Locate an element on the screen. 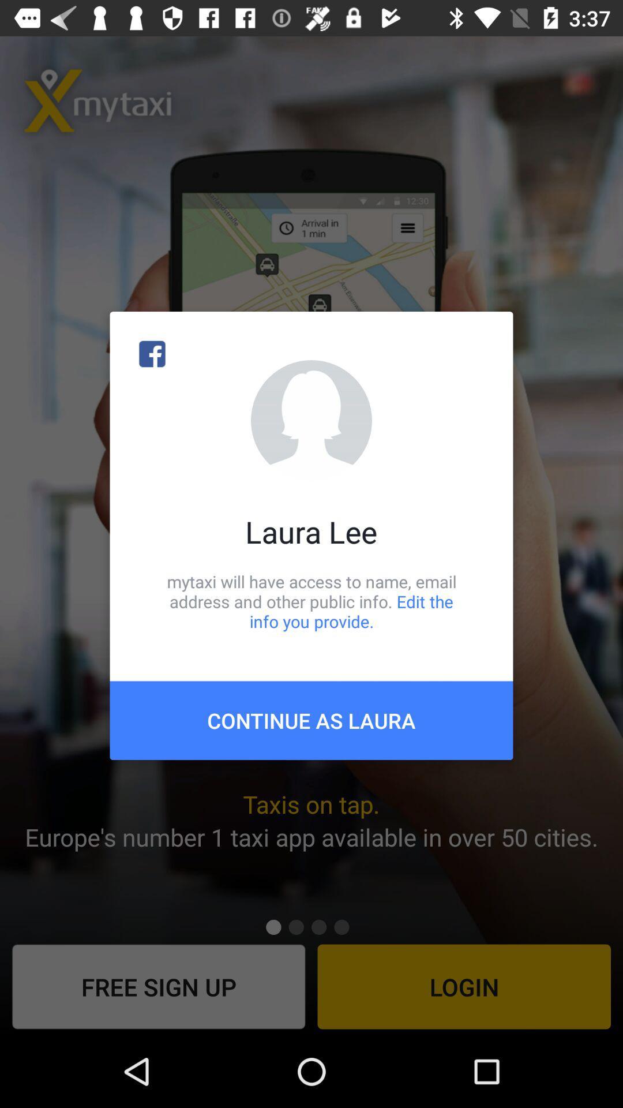  the icon below the laura lee is located at coordinates (311, 601).